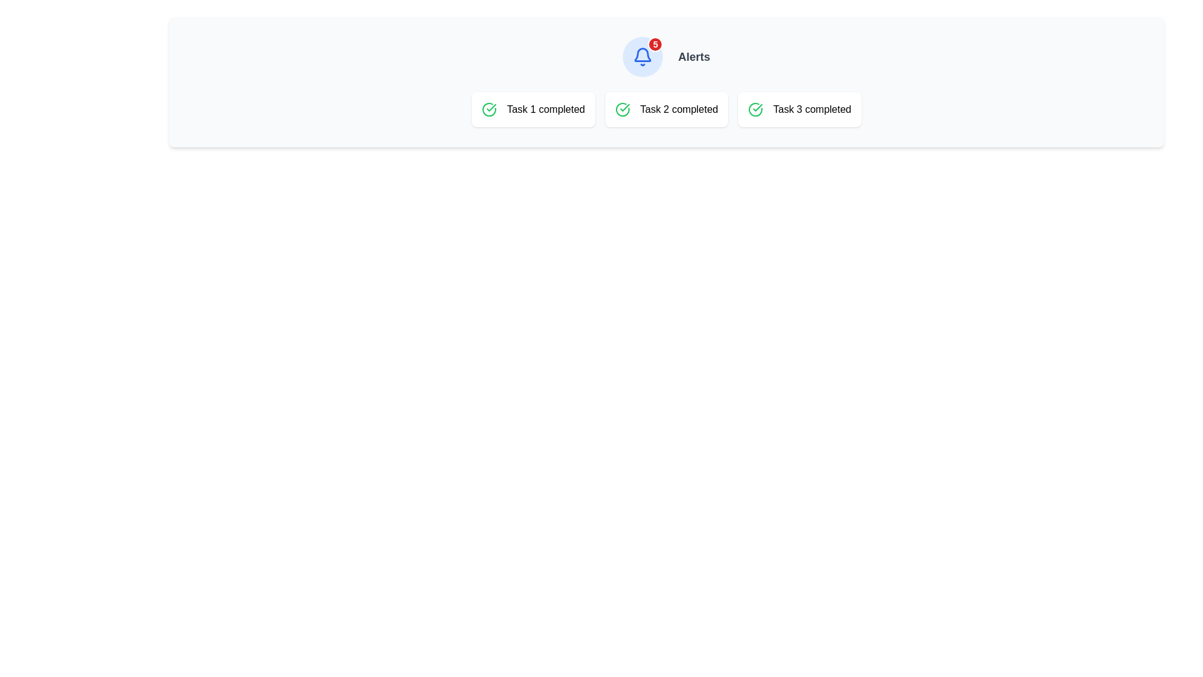 The width and height of the screenshot is (1203, 677). Describe the element at coordinates (694, 57) in the screenshot. I see `the Text Label that provides context for alert-related functionalities, located to the right of a bell icon and notification counter` at that location.